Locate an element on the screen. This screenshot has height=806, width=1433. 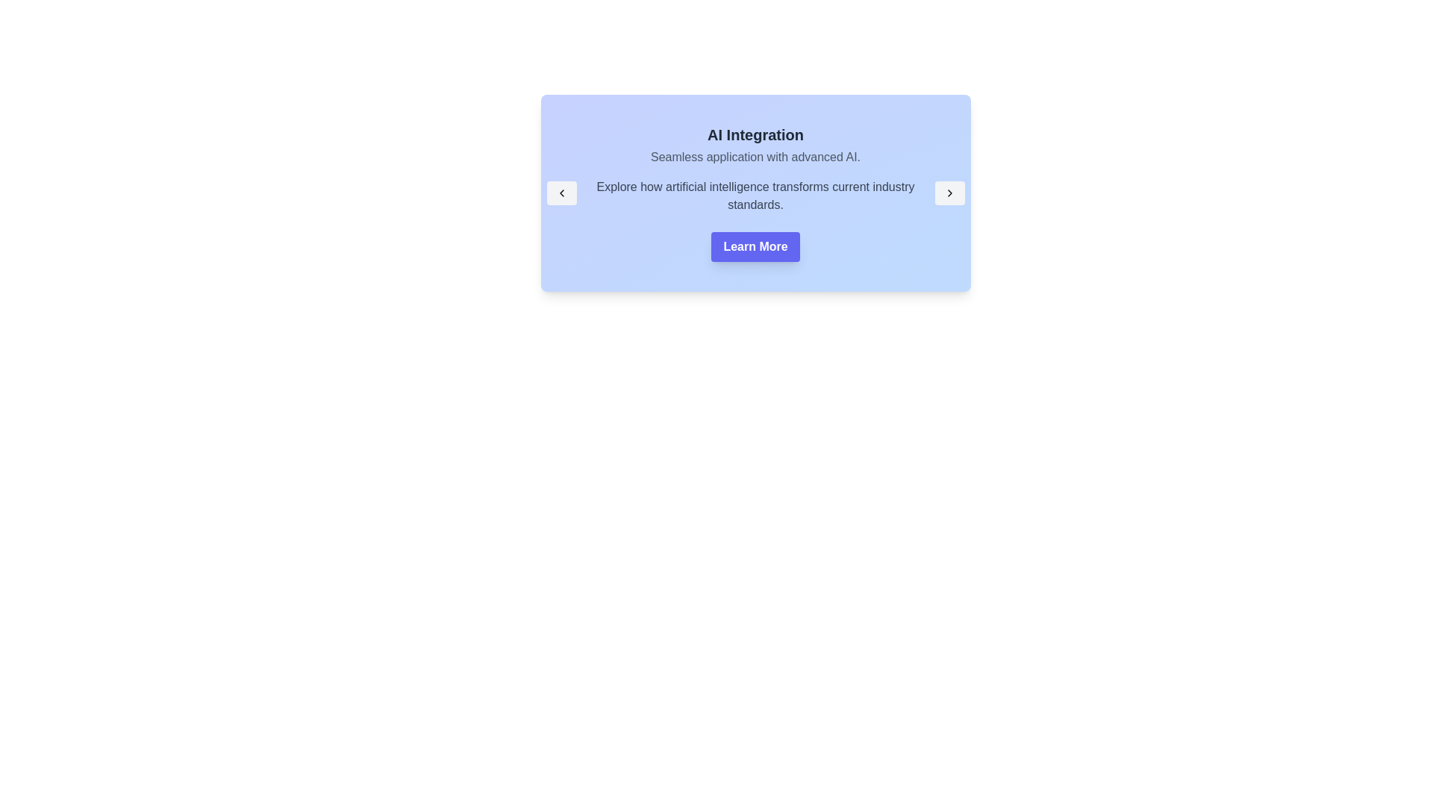
the text label stating 'Seamless application with advanced AI.' which is positioned below the heading 'AI Integration' and above the 'Learn More' button is located at coordinates (755, 157).